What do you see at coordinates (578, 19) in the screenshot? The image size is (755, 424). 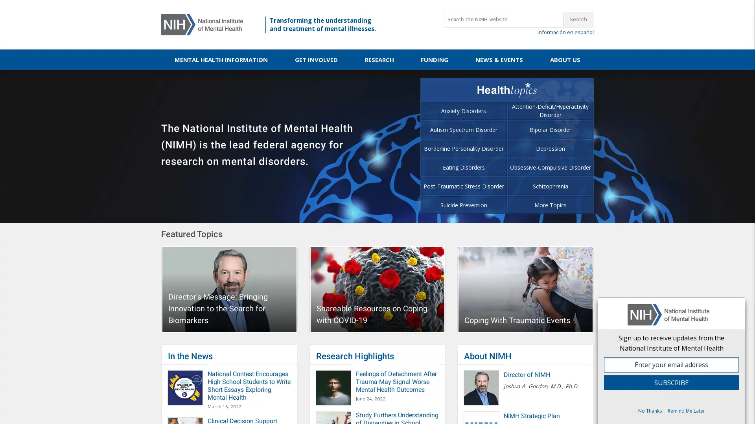 I see `Search` at bounding box center [578, 19].